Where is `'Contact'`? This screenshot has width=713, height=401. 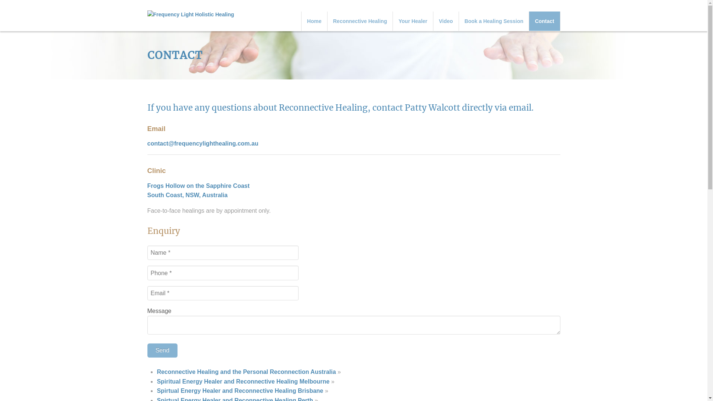 'Contact' is located at coordinates (529, 21).